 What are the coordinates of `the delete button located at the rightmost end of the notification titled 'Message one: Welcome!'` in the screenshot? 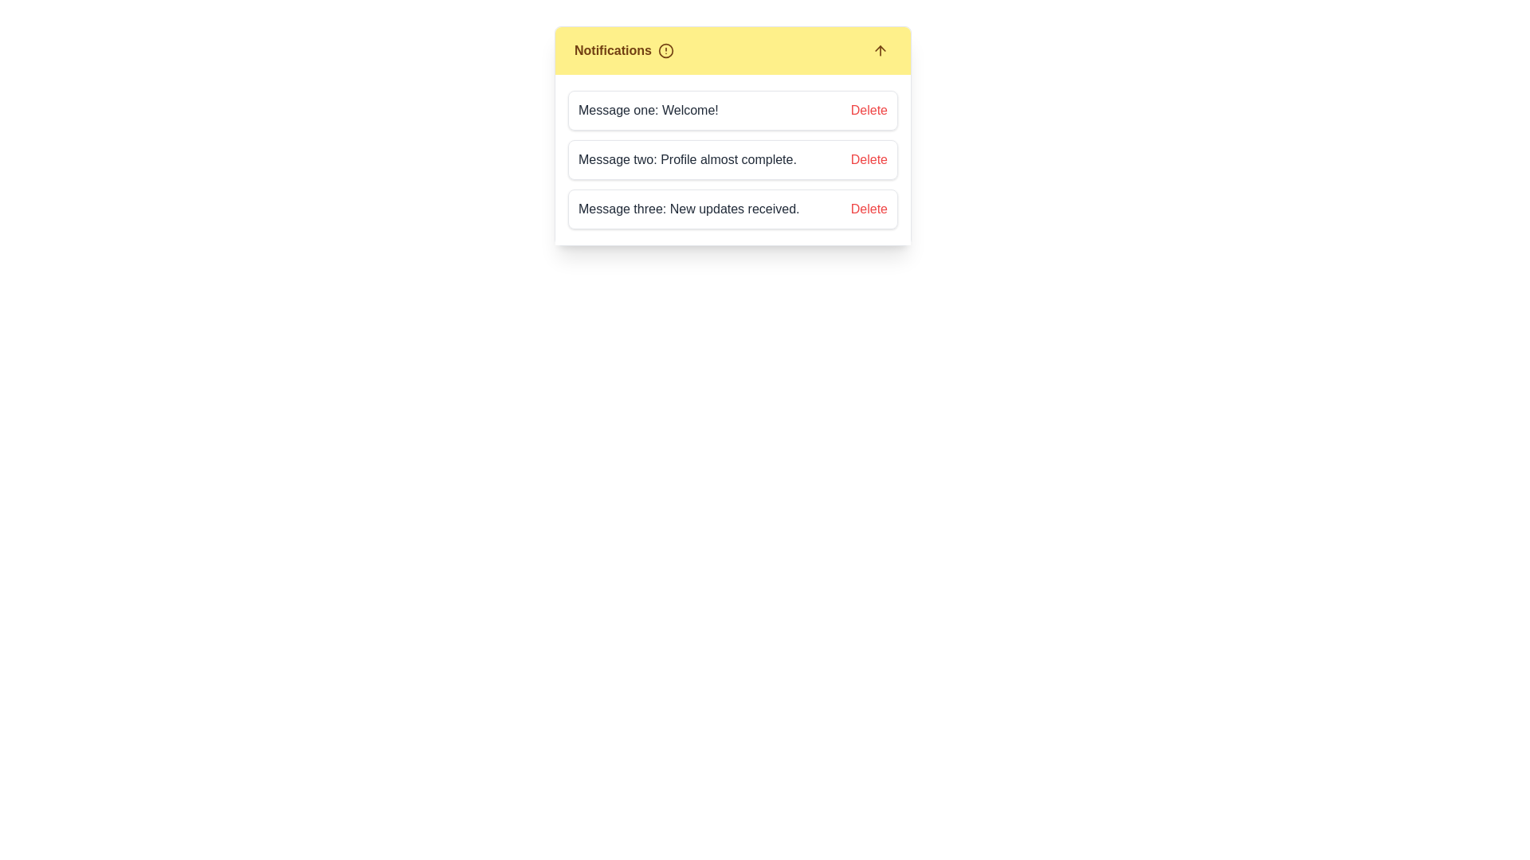 It's located at (868, 109).